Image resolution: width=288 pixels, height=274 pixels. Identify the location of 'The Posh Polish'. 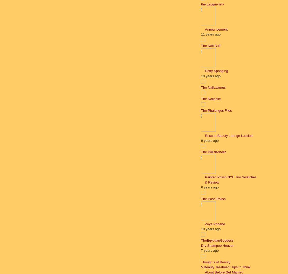
(201, 199).